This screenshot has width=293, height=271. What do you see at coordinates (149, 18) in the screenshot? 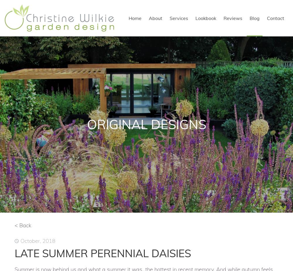
I see `'About'` at bounding box center [149, 18].